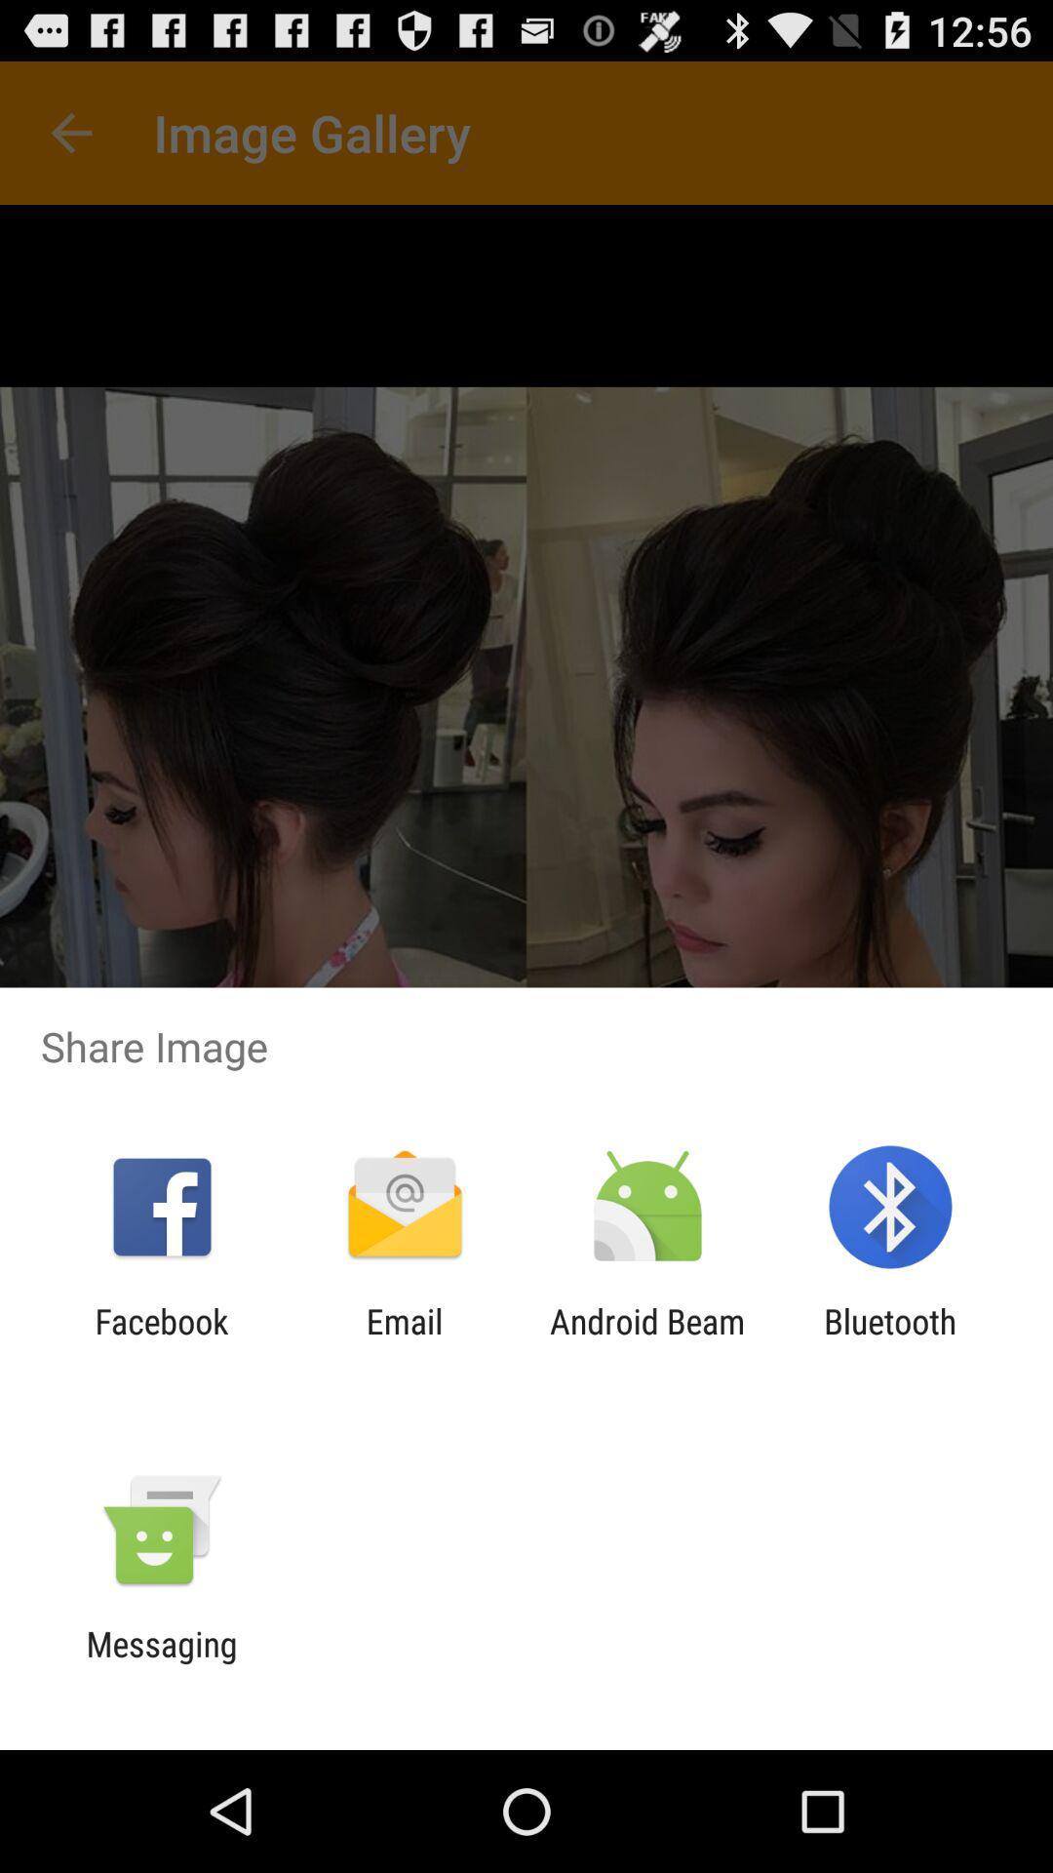 The width and height of the screenshot is (1053, 1873). What do you see at coordinates (647, 1340) in the screenshot?
I see `the android beam app` at bounding box center [647, 1340].